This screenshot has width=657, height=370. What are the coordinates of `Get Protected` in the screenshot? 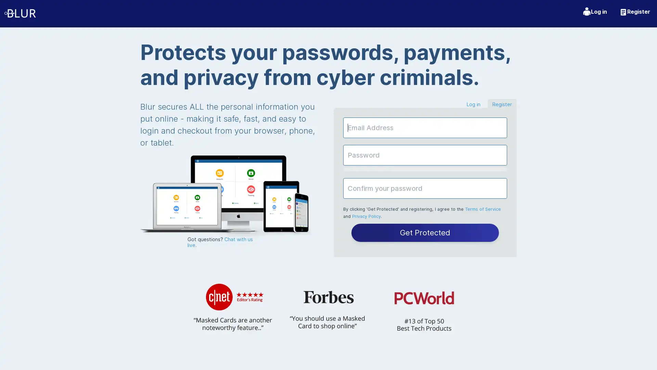 It's located at (425, 232).